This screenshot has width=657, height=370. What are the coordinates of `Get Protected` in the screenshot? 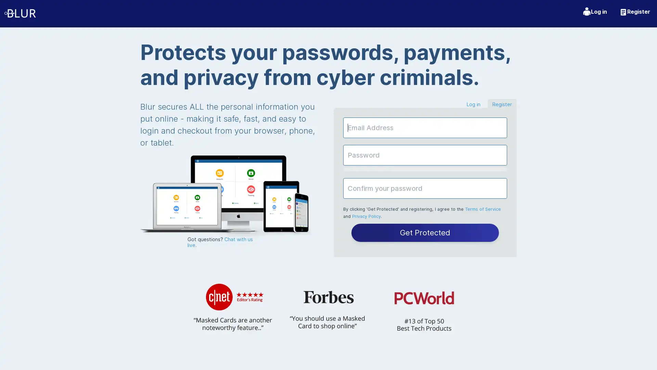 It's located at (425, 232).